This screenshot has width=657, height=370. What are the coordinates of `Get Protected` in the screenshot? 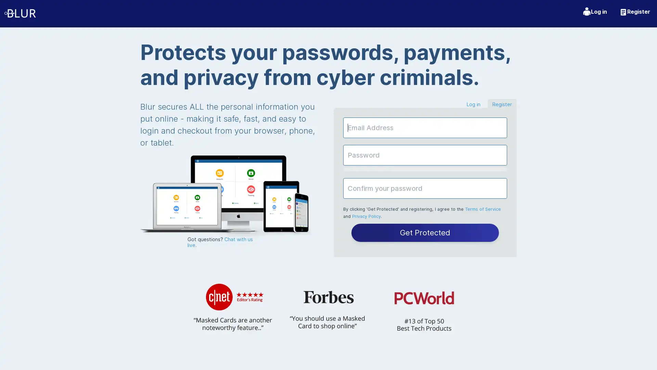 It's located at (425, 232).